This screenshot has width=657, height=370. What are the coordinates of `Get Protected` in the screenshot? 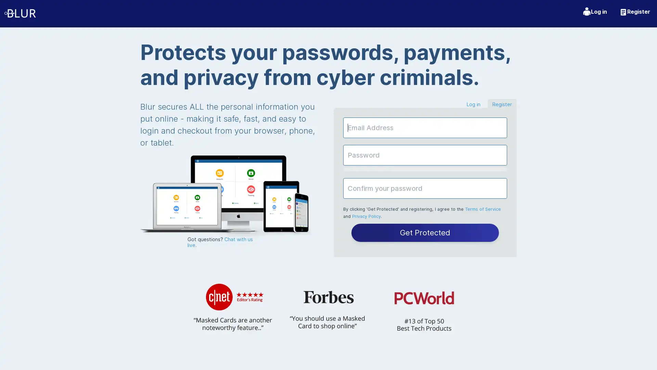 It's located at (425, 232).